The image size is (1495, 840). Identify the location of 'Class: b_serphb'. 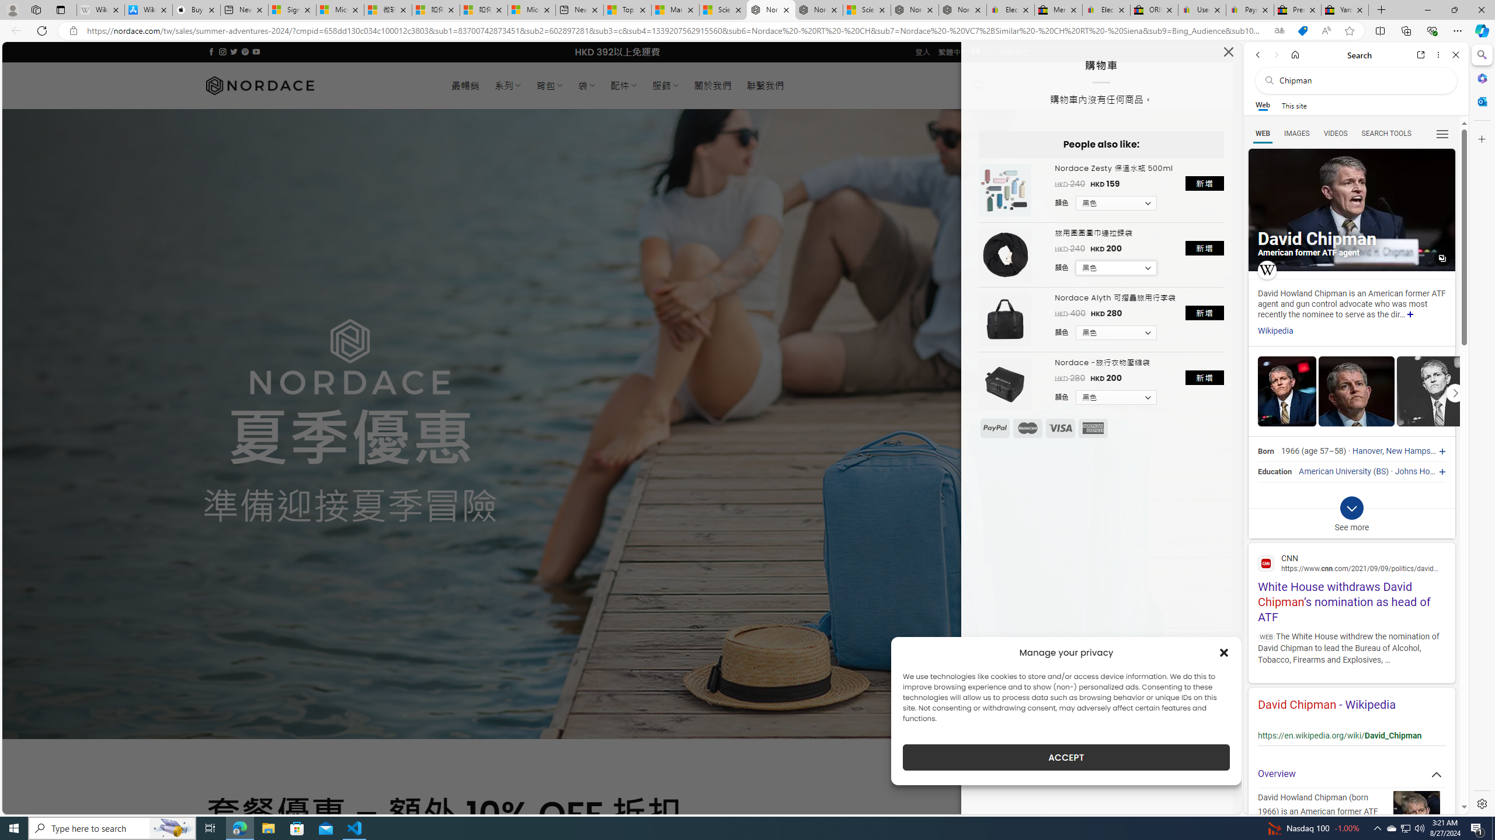
(1442, 134).